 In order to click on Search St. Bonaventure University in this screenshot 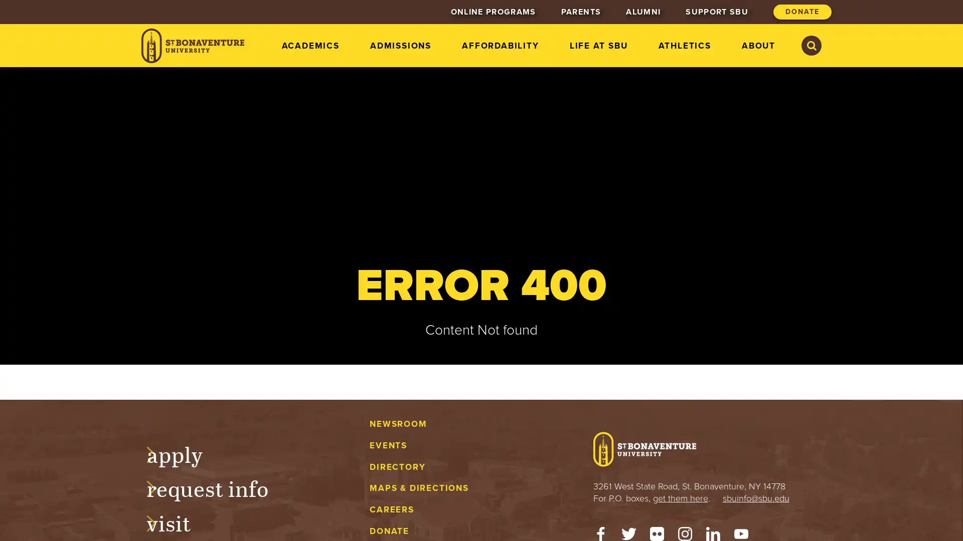, I will do `click(811, 46)`.